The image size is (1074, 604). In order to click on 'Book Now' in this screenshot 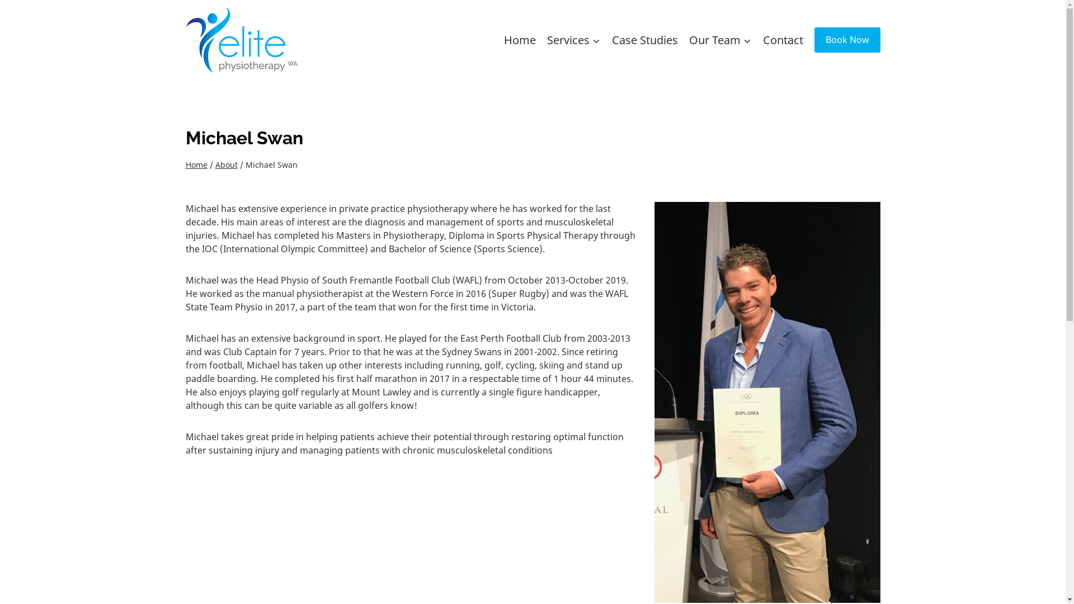, I will do `click(847, 40)`.